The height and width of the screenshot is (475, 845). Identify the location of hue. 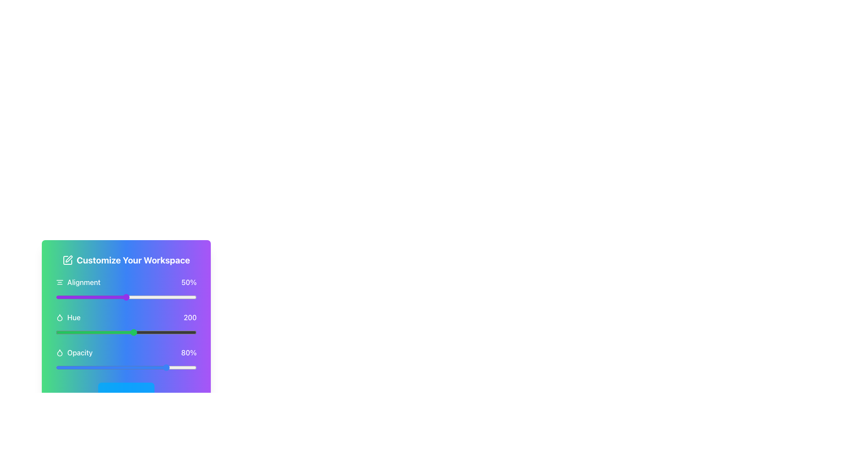
(180, 332).